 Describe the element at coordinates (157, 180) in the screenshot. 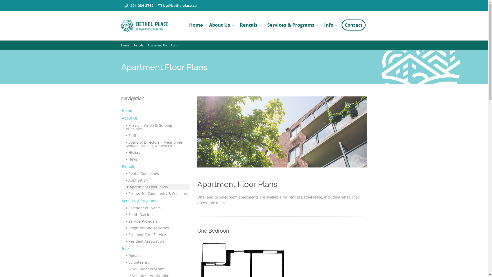

I see `'Application'` at that location.